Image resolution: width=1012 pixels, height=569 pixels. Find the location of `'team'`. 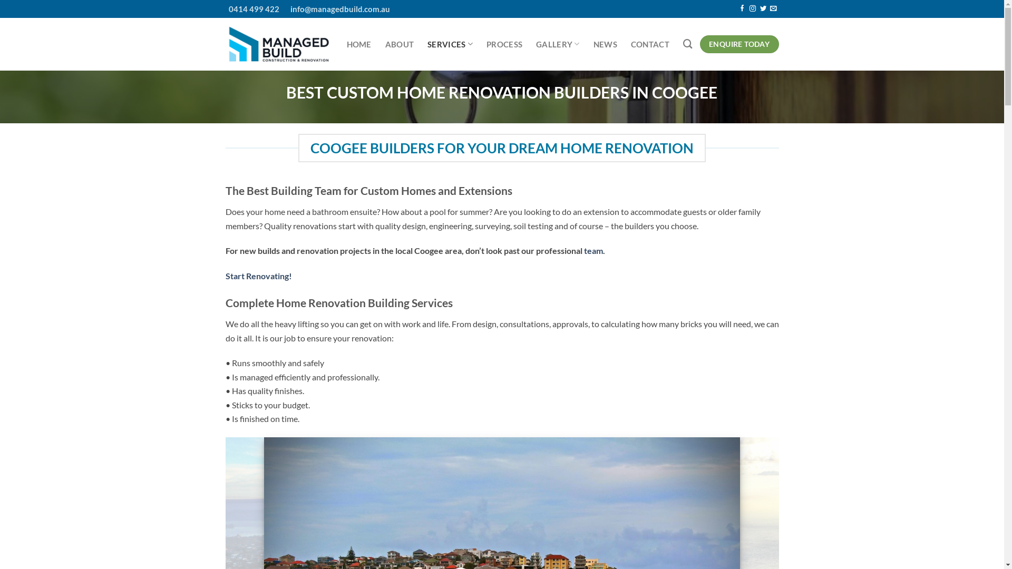

'team' is located at coordinates (583, 250).